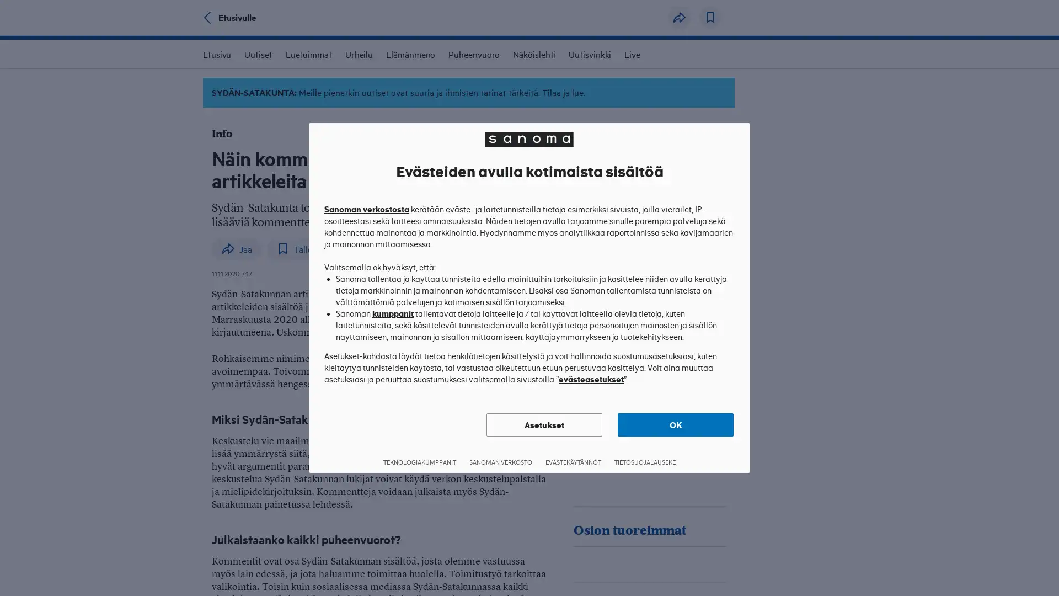 The width and height of the screenshot is (1059, 596). What do you see at coordinates (710, 17) in the screenshot?
I see `Tallenna` at bounding box center [710, 17].